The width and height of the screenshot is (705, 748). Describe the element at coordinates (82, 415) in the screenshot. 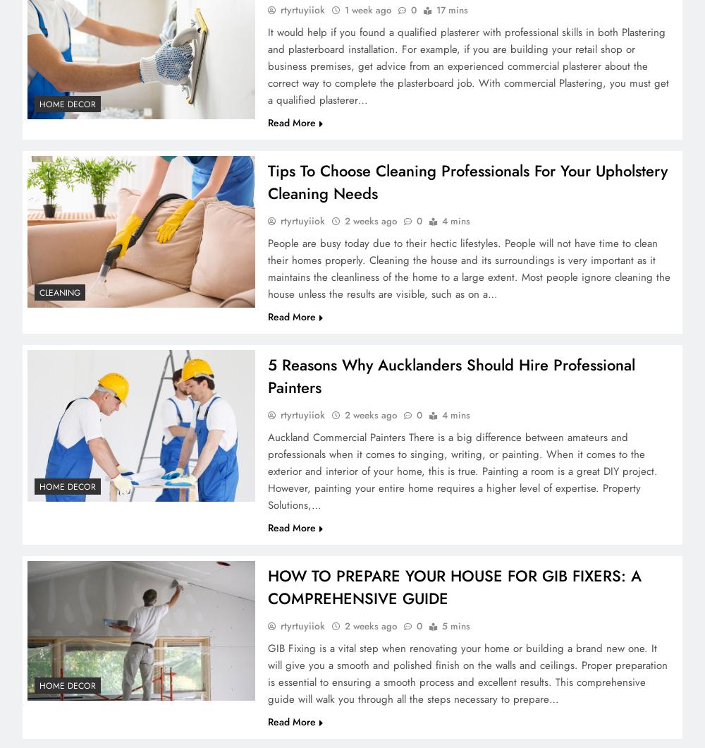

I see `'Recent Posts'` at that location.